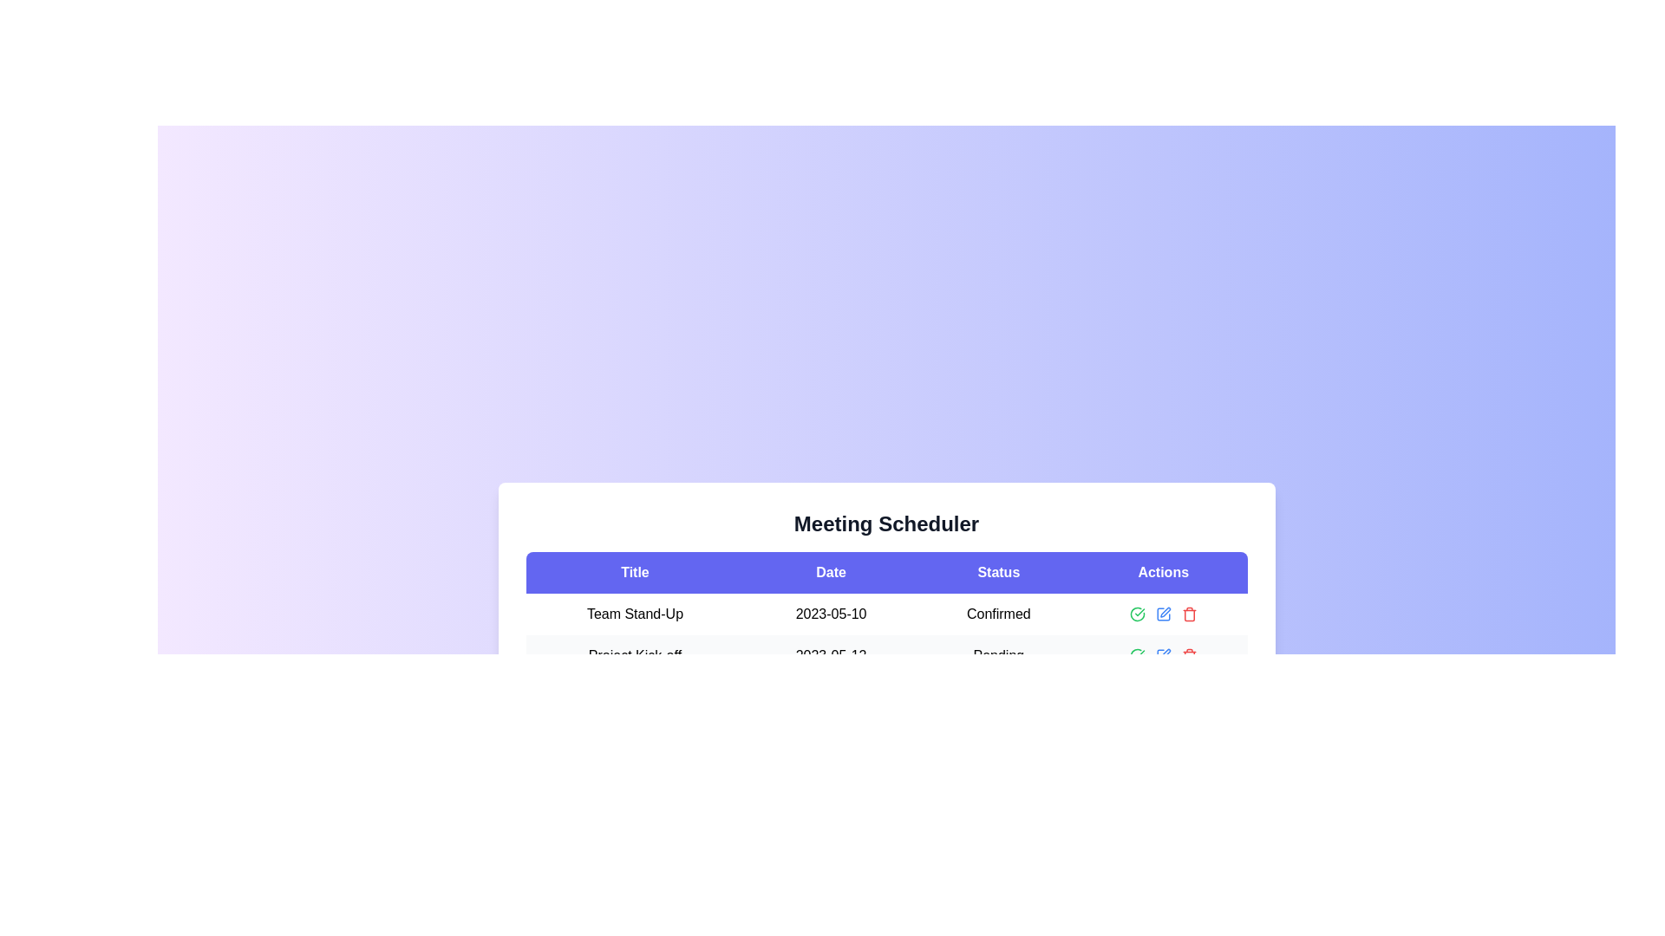  I want to click on the first data row in the table that contains 'Team Stand-Up', '2023-05-10', and 'Confirmed', so click(886, 634).